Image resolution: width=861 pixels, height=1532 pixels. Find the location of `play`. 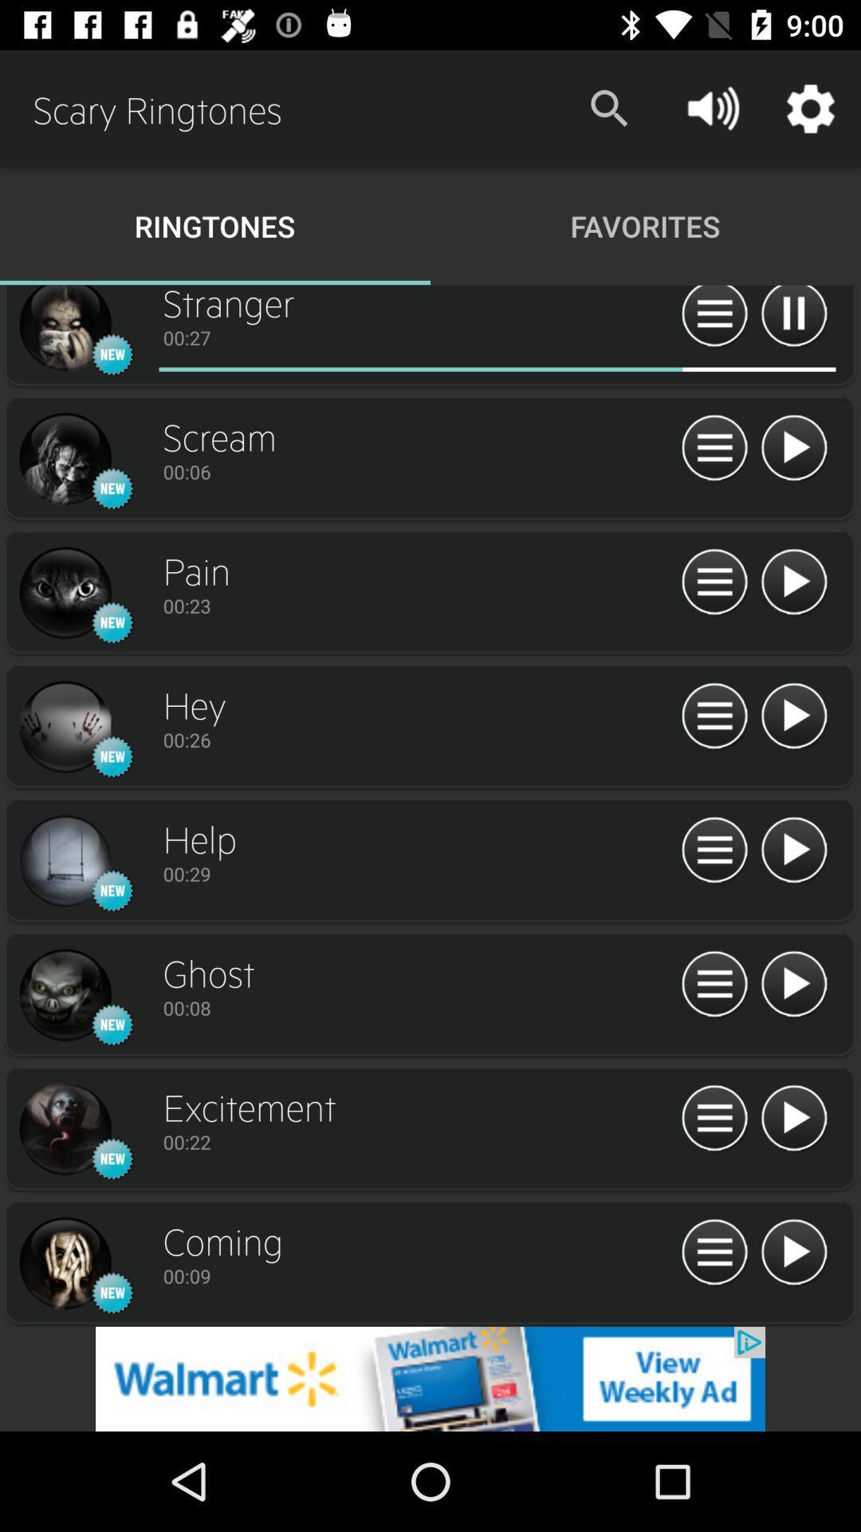

play is located at coordinates (793, 1252).